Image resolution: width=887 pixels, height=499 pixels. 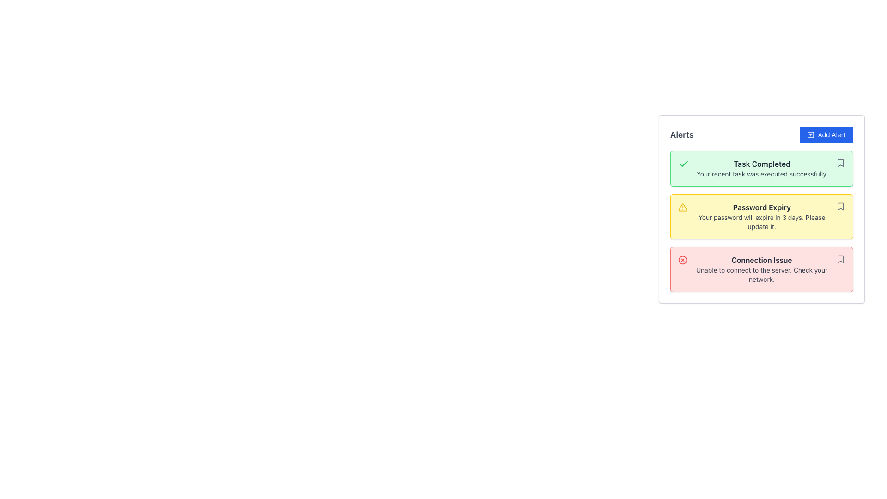 I want to click on the flag icon located on the right side of the 'Password Expiry' notification box, so click(x=840, y=206).